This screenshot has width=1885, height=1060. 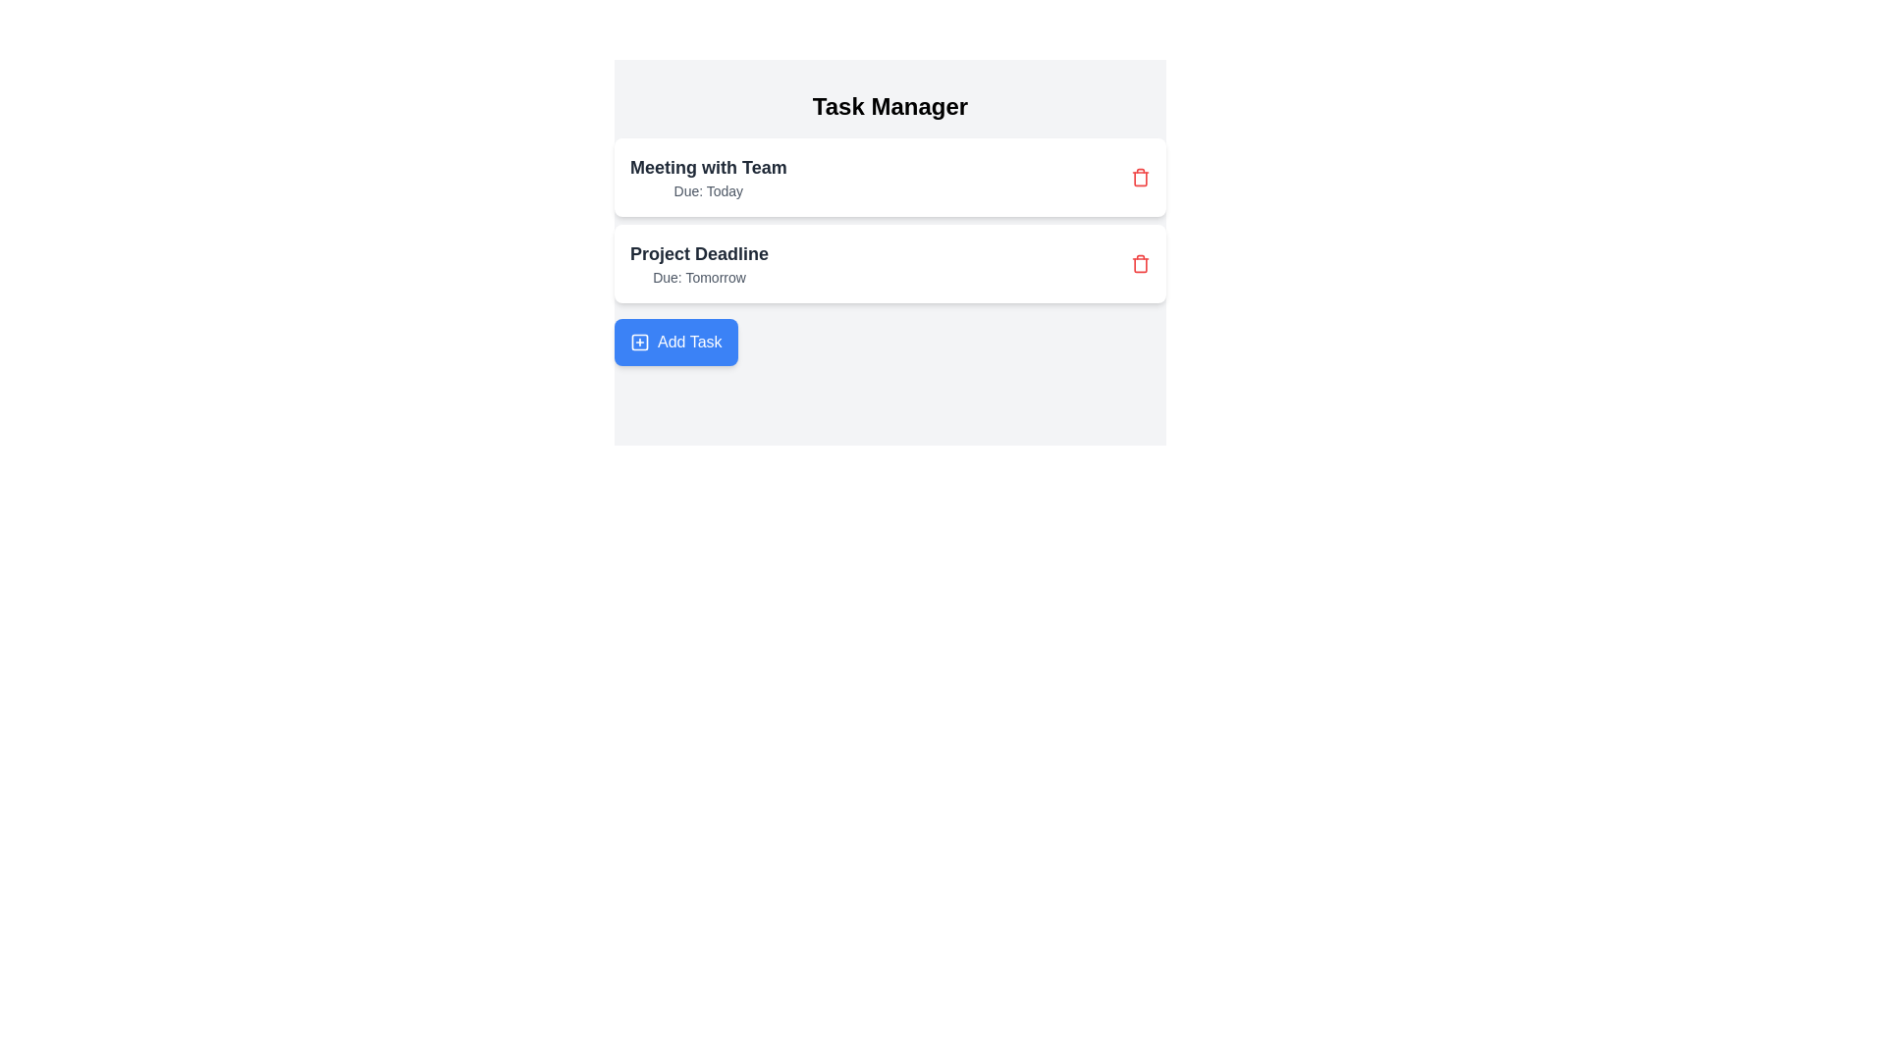 I want to click on the text label that reads 'Due: Today', which is styled in a small gray font and located below the heading 'Meeting with Team', so click(x=707, y=191).